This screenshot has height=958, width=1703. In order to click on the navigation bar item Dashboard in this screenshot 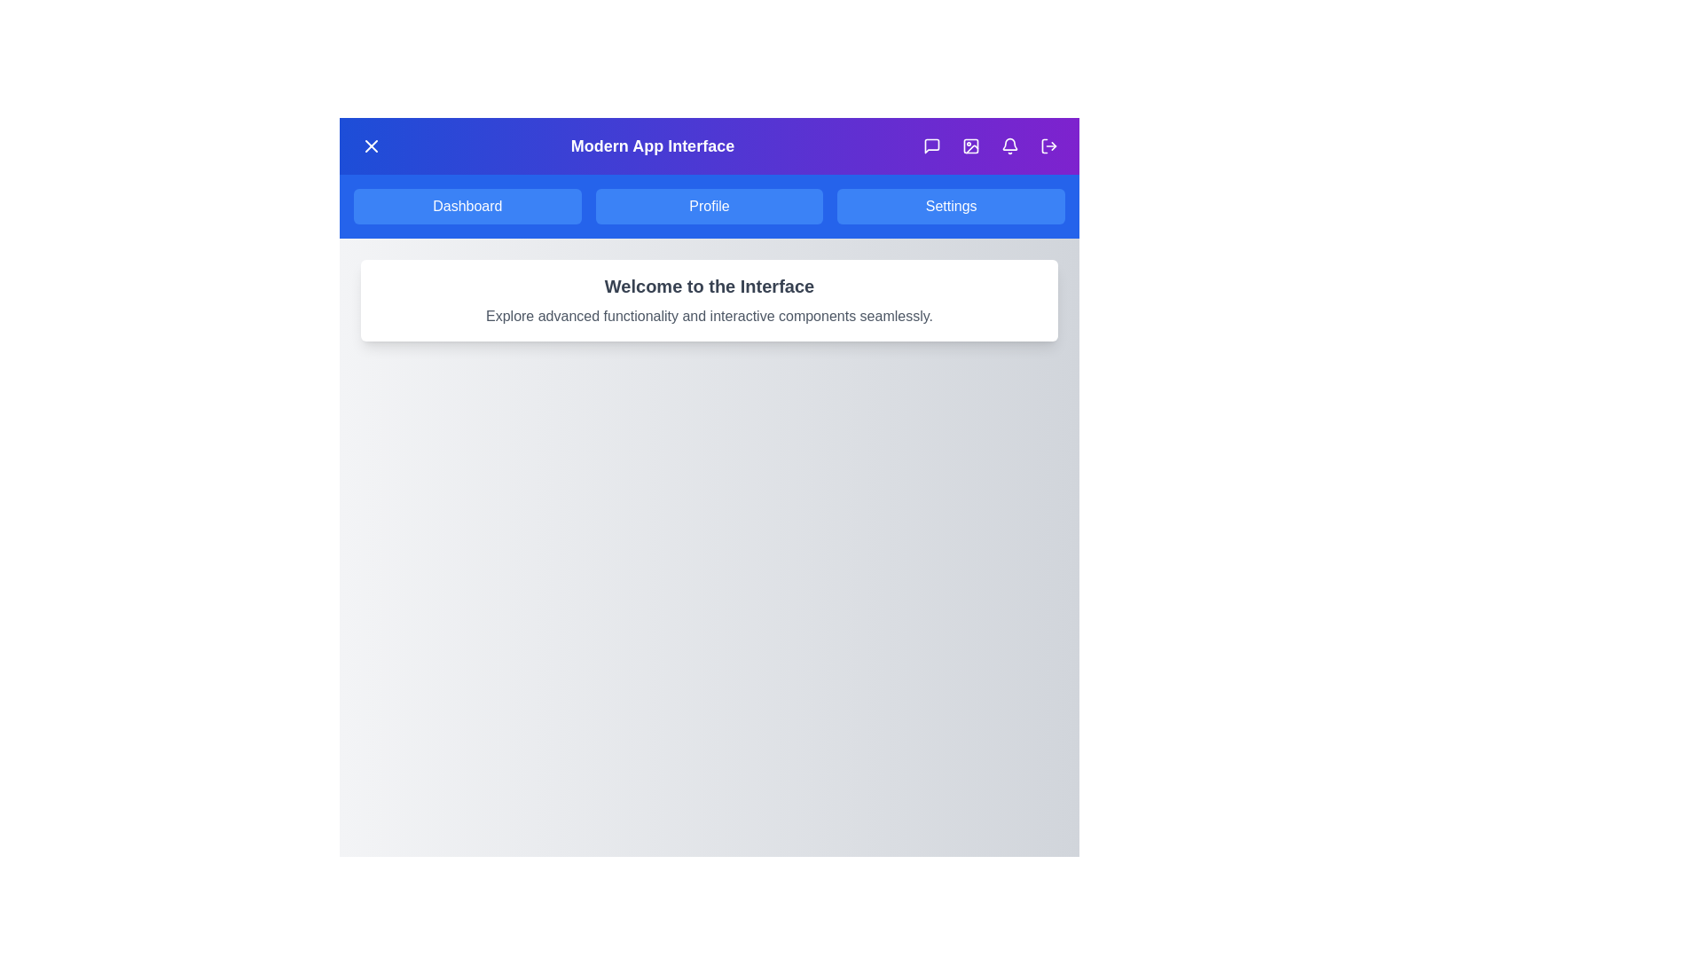, I will do `click(467, 205)`.